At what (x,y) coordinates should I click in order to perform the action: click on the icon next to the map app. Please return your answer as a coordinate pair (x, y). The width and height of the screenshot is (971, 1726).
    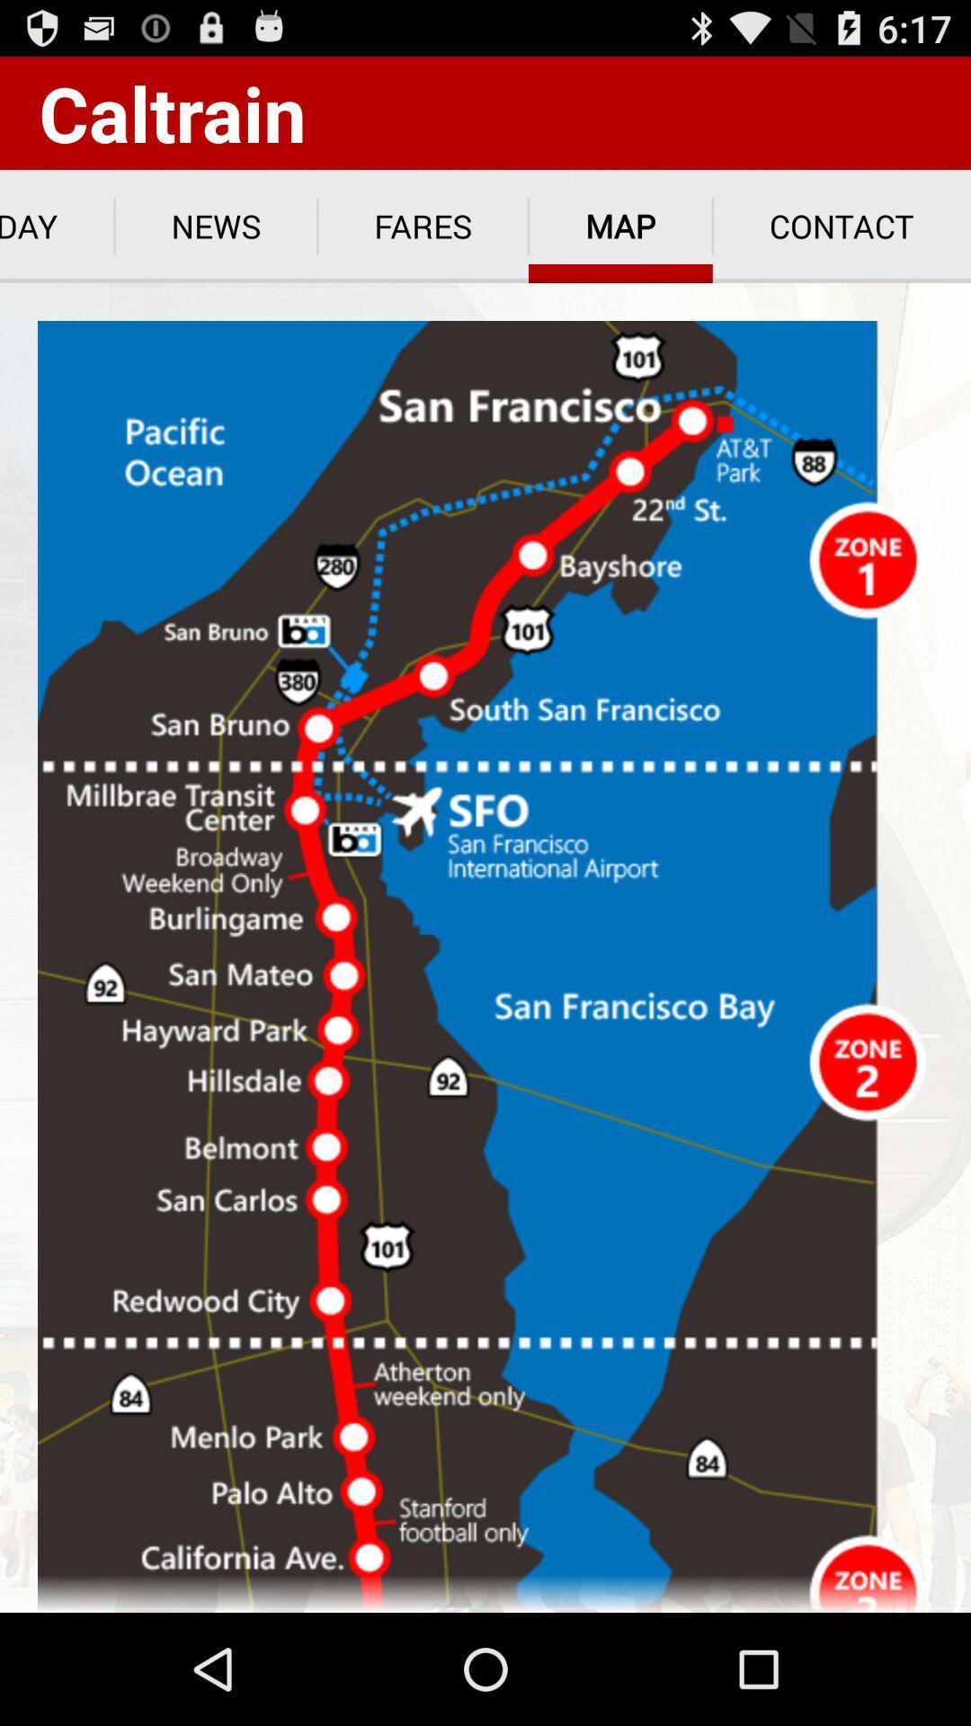
    Looking at the image, I should click on (423, 226).